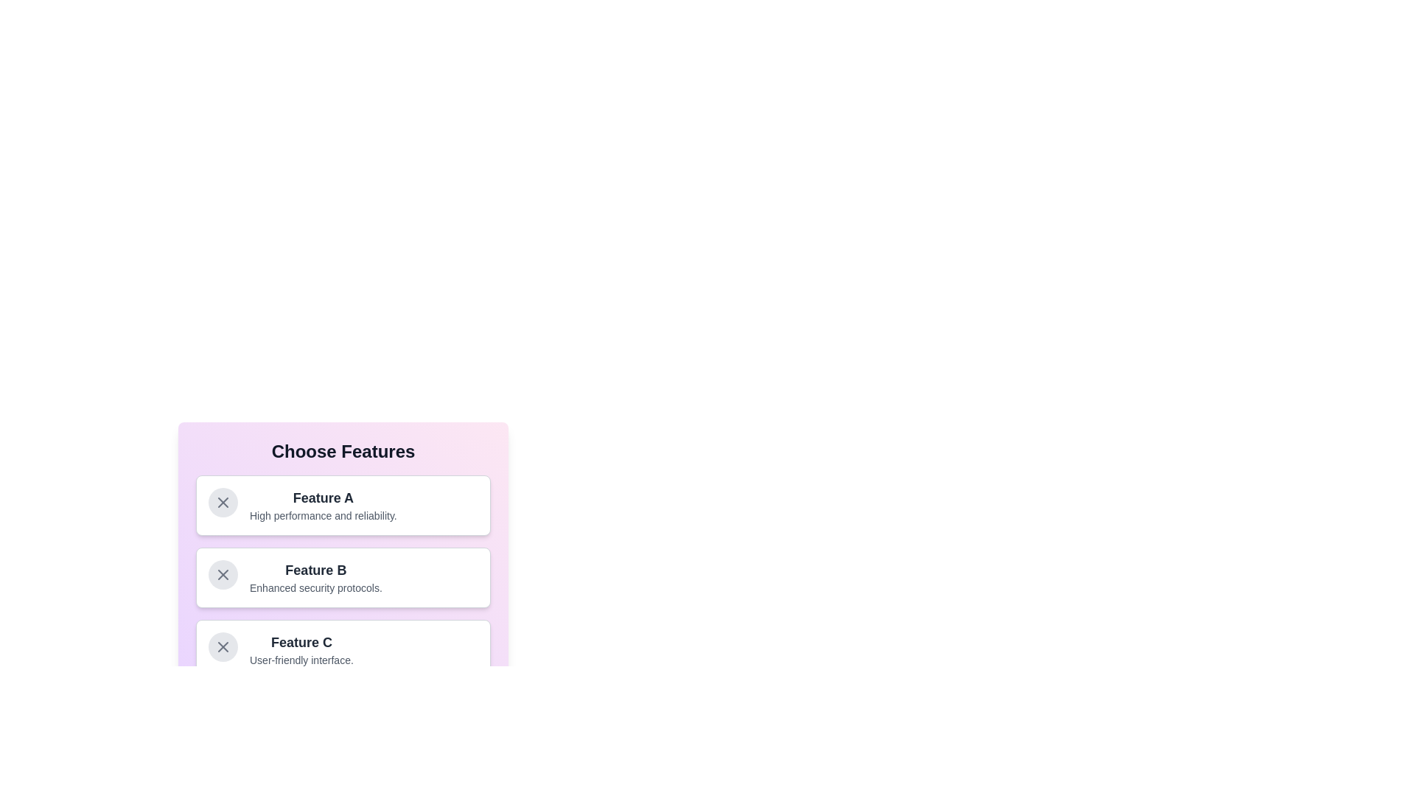 The height and width of the screenshot is (796, 1415). Describe the element at coordinates (222, 646) in the screenshot. I see `the 'X' shaped icon within the circular button in the 'Feature C' option` at that location.